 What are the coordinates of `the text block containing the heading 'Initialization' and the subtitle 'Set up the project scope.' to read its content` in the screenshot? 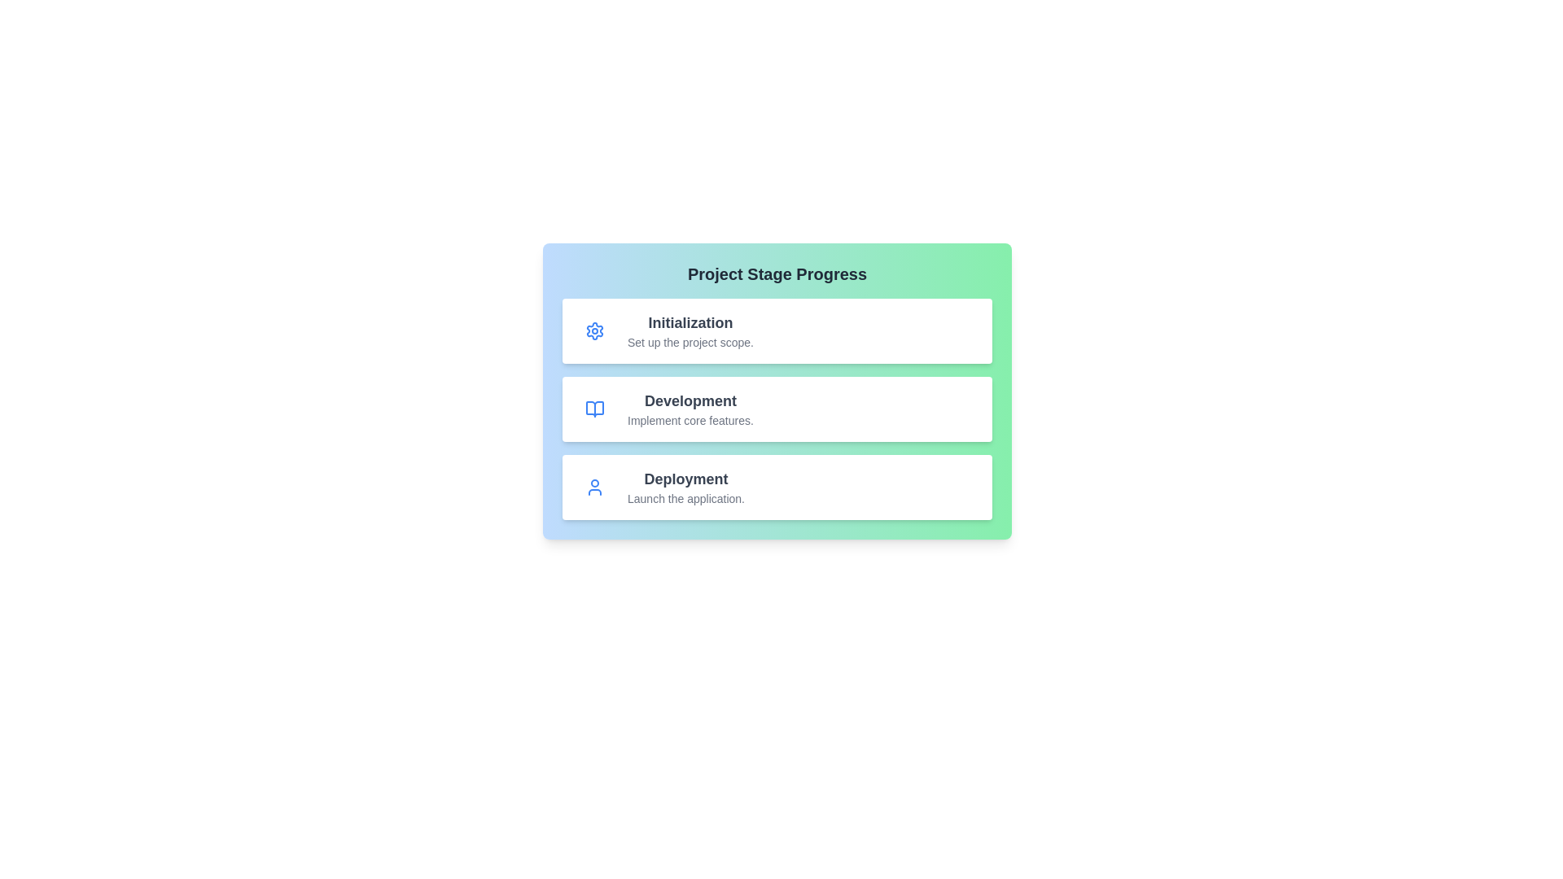 It's located at (690, 330).